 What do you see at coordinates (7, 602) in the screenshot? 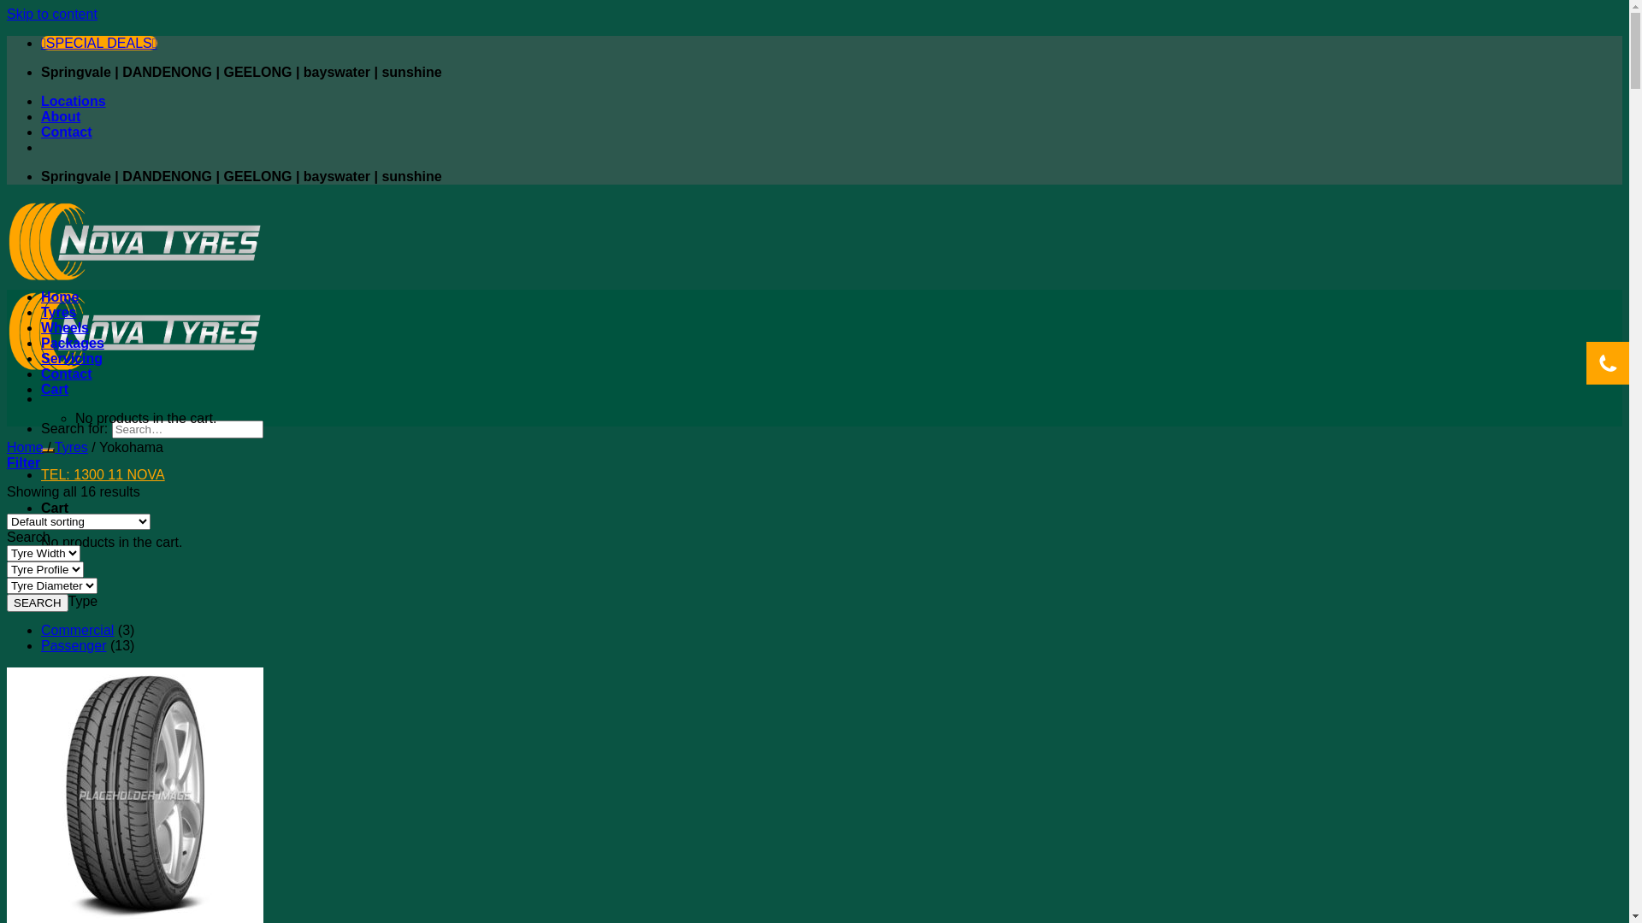
I see `'SEARCH'` at bounding box center [7, 602].